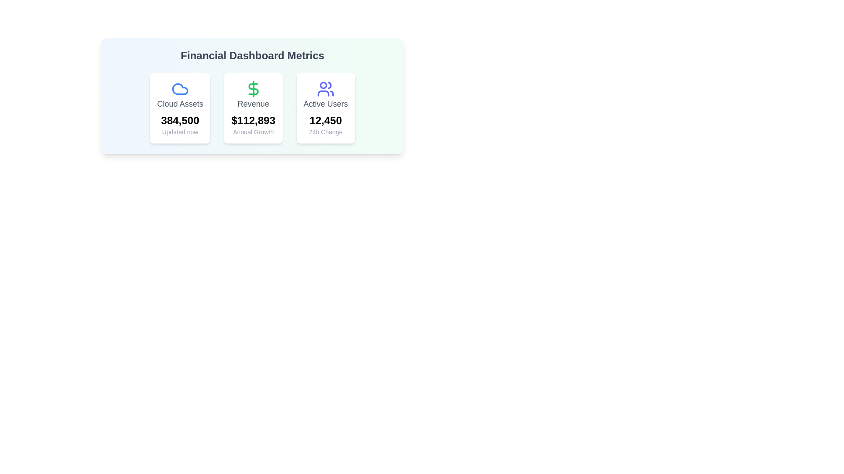 The width and height of the screenshot is (844, 474). What do you see at coordinates (325, 103) in the screenshot?
I see `the 'Active Users' static text label element, which is displayed in gray font and located at the top-center of the third card in a row of cards` at bounding box center [325, 103].